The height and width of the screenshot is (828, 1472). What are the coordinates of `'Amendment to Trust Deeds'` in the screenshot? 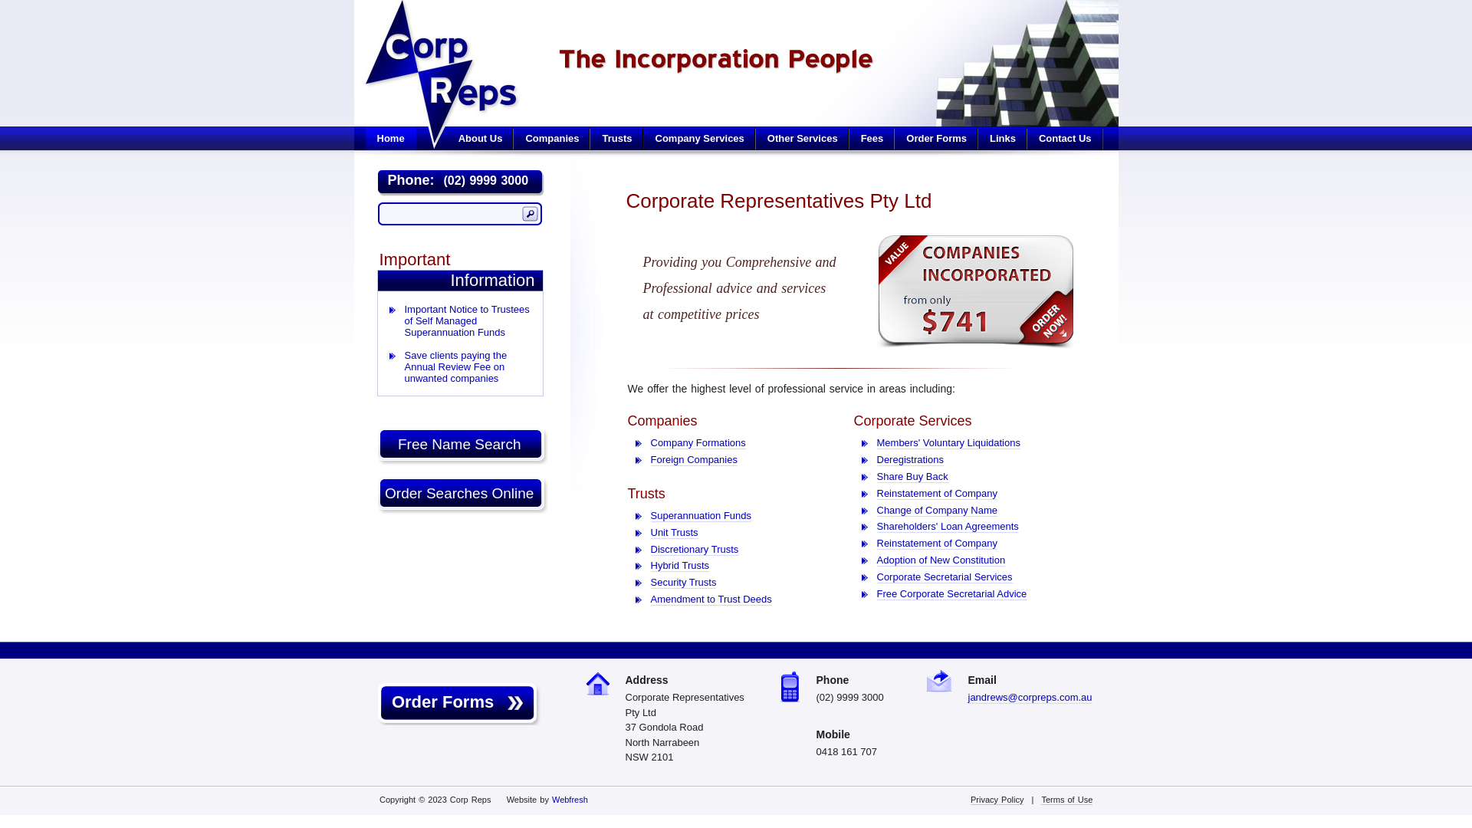 It's located at (709, 599).